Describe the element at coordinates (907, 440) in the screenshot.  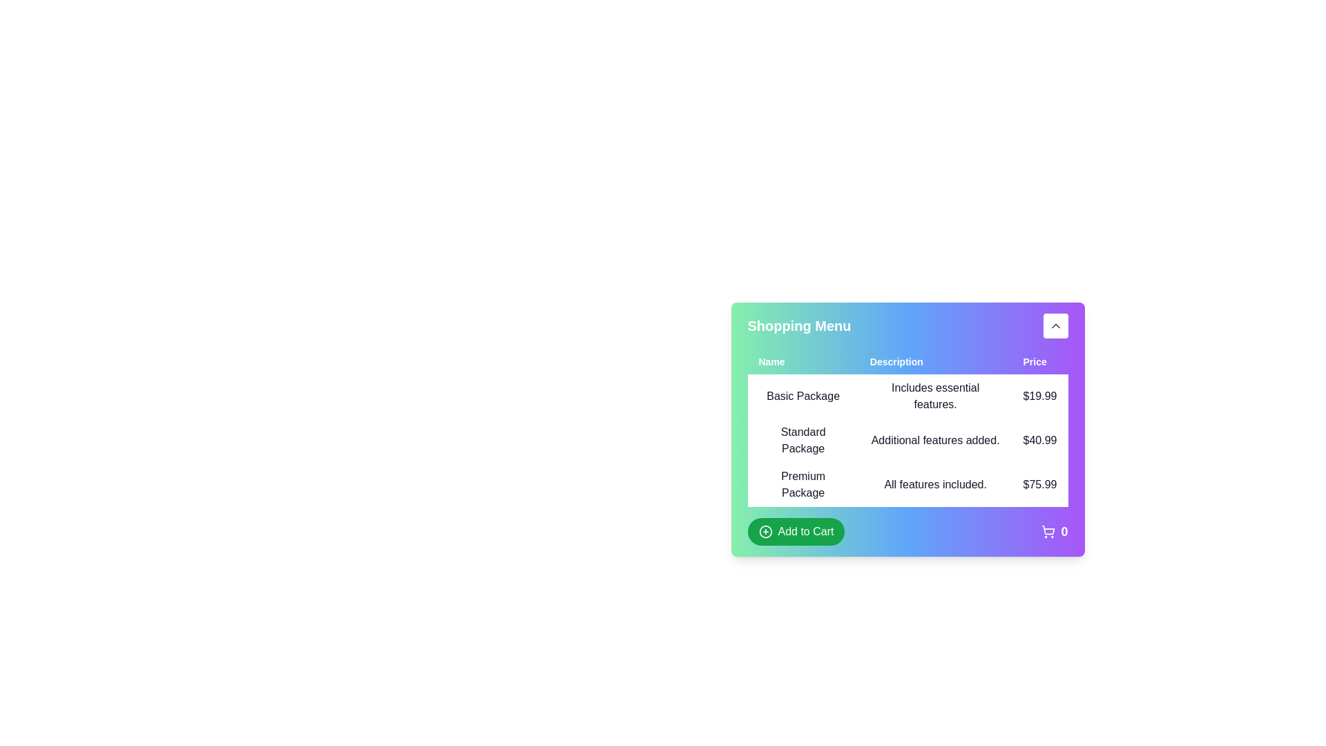
I see `the second row of the table that contains the 'Standard Package' name, its description 'Additional features added.', and the price '$40.99'` at that location.